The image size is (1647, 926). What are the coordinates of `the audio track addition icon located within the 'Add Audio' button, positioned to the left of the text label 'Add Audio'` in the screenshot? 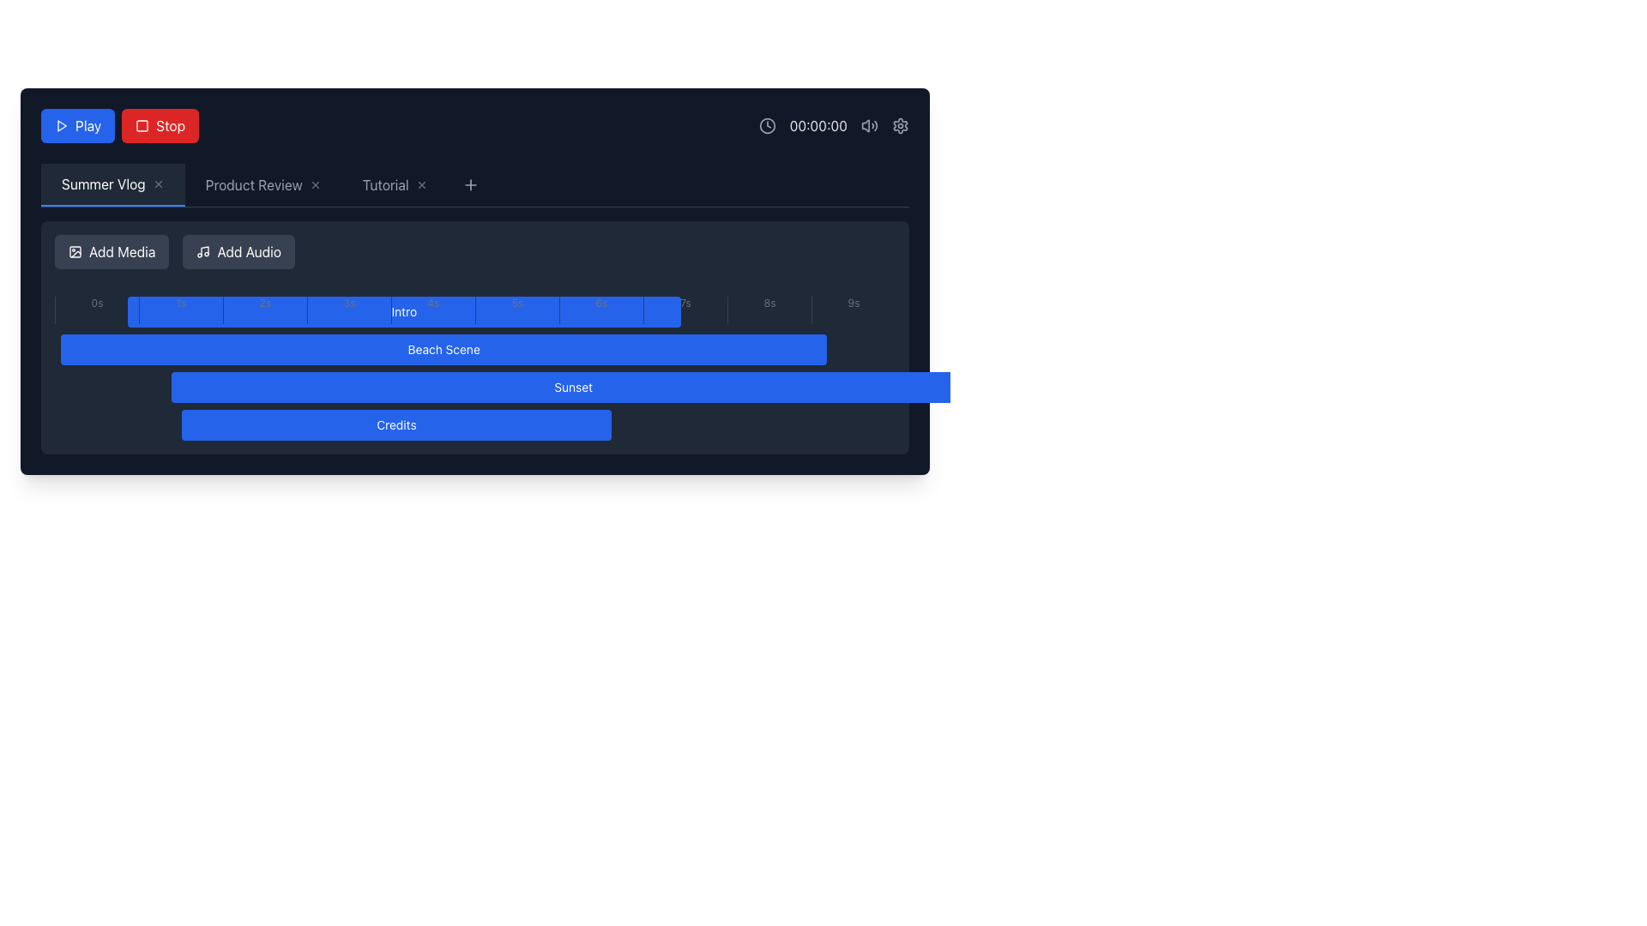 It's located at (203, 251).